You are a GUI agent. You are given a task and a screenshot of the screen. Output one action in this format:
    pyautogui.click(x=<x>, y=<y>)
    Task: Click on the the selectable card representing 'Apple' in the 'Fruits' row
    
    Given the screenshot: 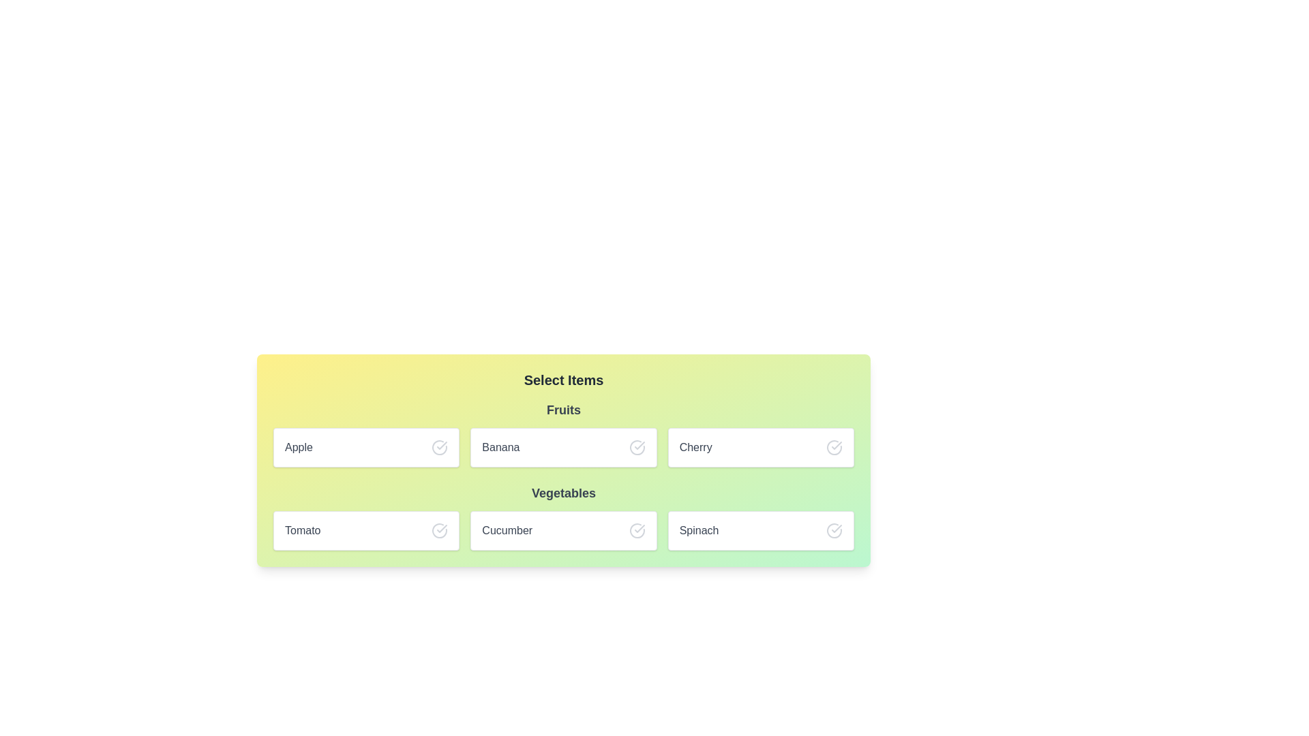 What is the action you would take?
    pyautogui.click(x=366, y=447)
    